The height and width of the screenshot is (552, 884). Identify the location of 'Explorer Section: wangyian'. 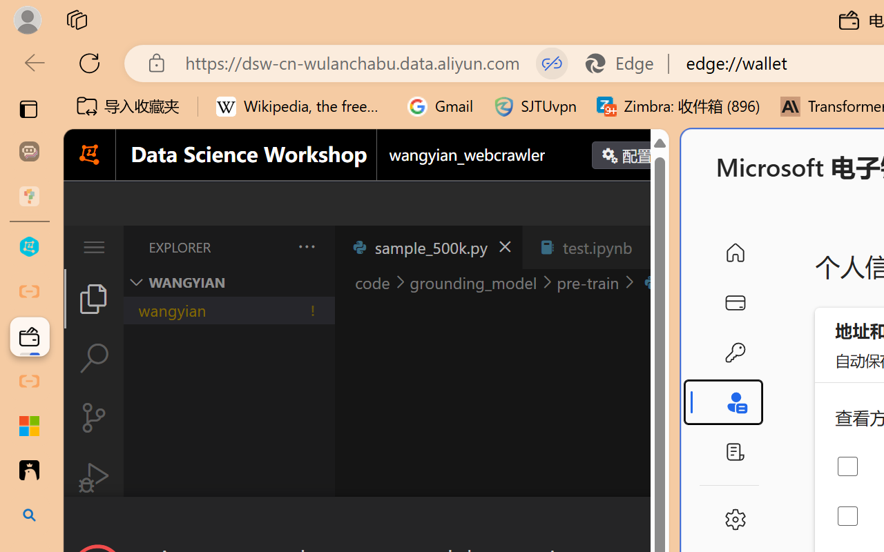
(229, 282).